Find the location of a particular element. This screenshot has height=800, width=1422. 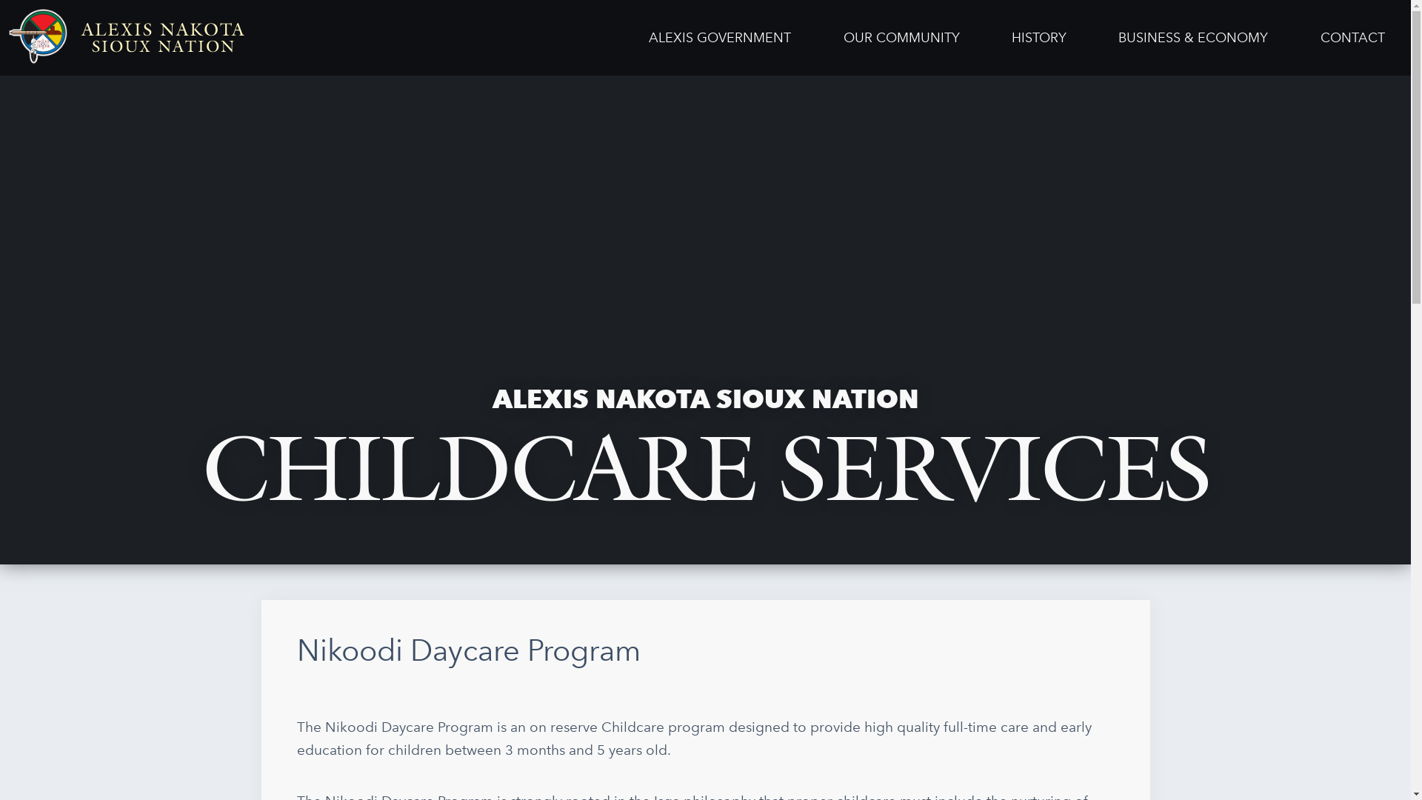

'HISTORY' is located at coordinates (1038, 36).